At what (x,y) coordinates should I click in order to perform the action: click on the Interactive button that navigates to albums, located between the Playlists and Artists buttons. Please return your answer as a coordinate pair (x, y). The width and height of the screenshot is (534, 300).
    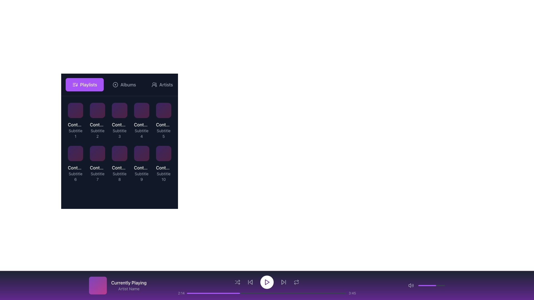
    Looking at the image, I should click on (124, 84).